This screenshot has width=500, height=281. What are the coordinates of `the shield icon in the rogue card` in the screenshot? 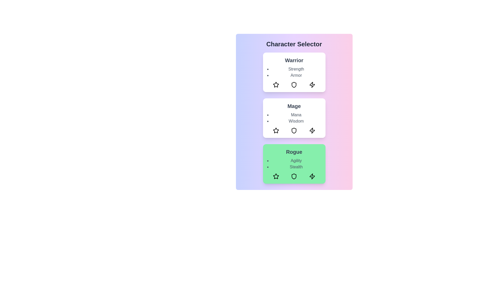 It's located at (294, 176).